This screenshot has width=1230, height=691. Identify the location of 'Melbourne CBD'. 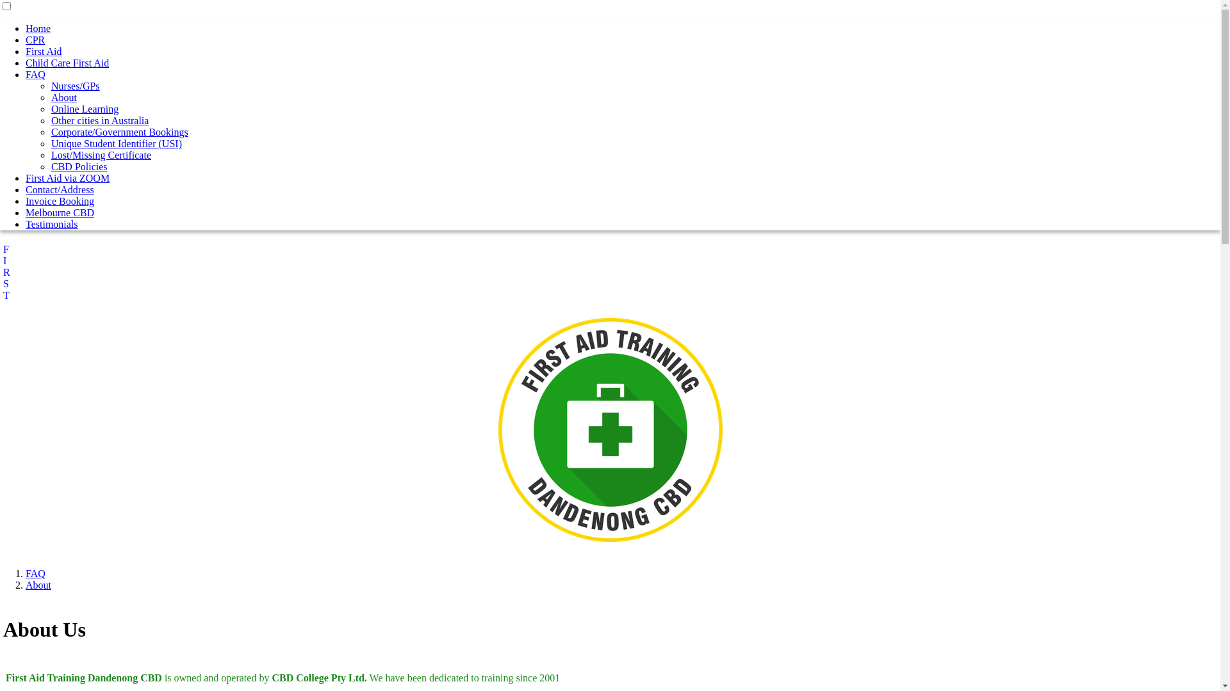
(59, 212).